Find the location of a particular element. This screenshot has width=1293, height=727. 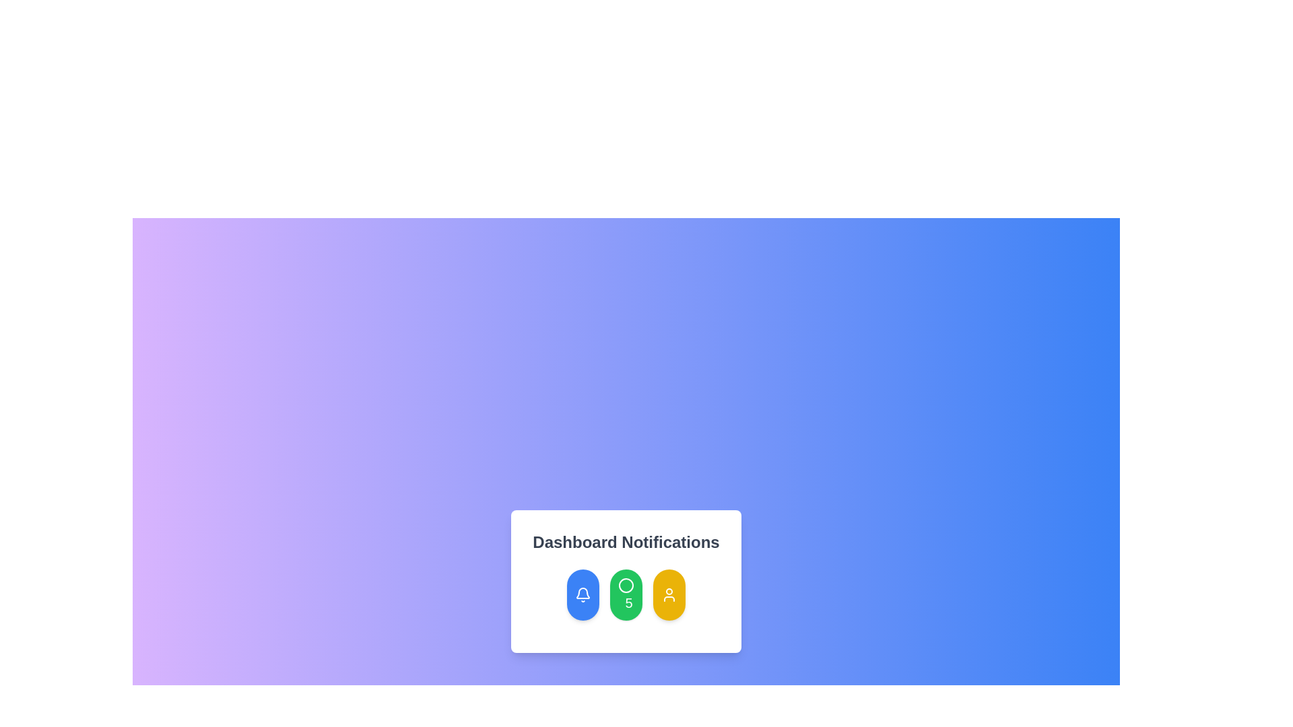

the notification bell icon inside the SVG representation located in the leftmost button of the 'Dashboard Notifications' card is located at coordinates (583, 592).